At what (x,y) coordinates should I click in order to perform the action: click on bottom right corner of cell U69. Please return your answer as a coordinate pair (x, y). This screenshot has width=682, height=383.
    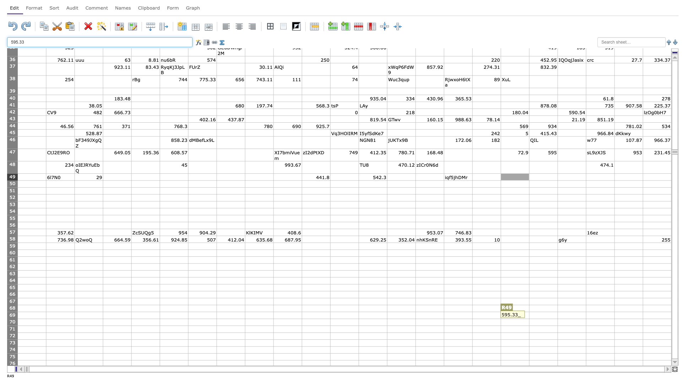
    Looking at the image, I should click on (614, 318).